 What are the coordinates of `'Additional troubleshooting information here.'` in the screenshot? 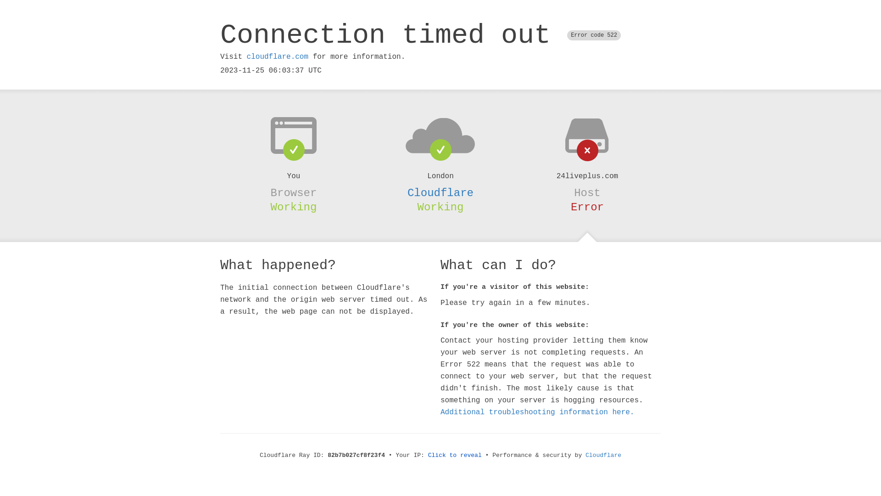 It's located at (537, 412).